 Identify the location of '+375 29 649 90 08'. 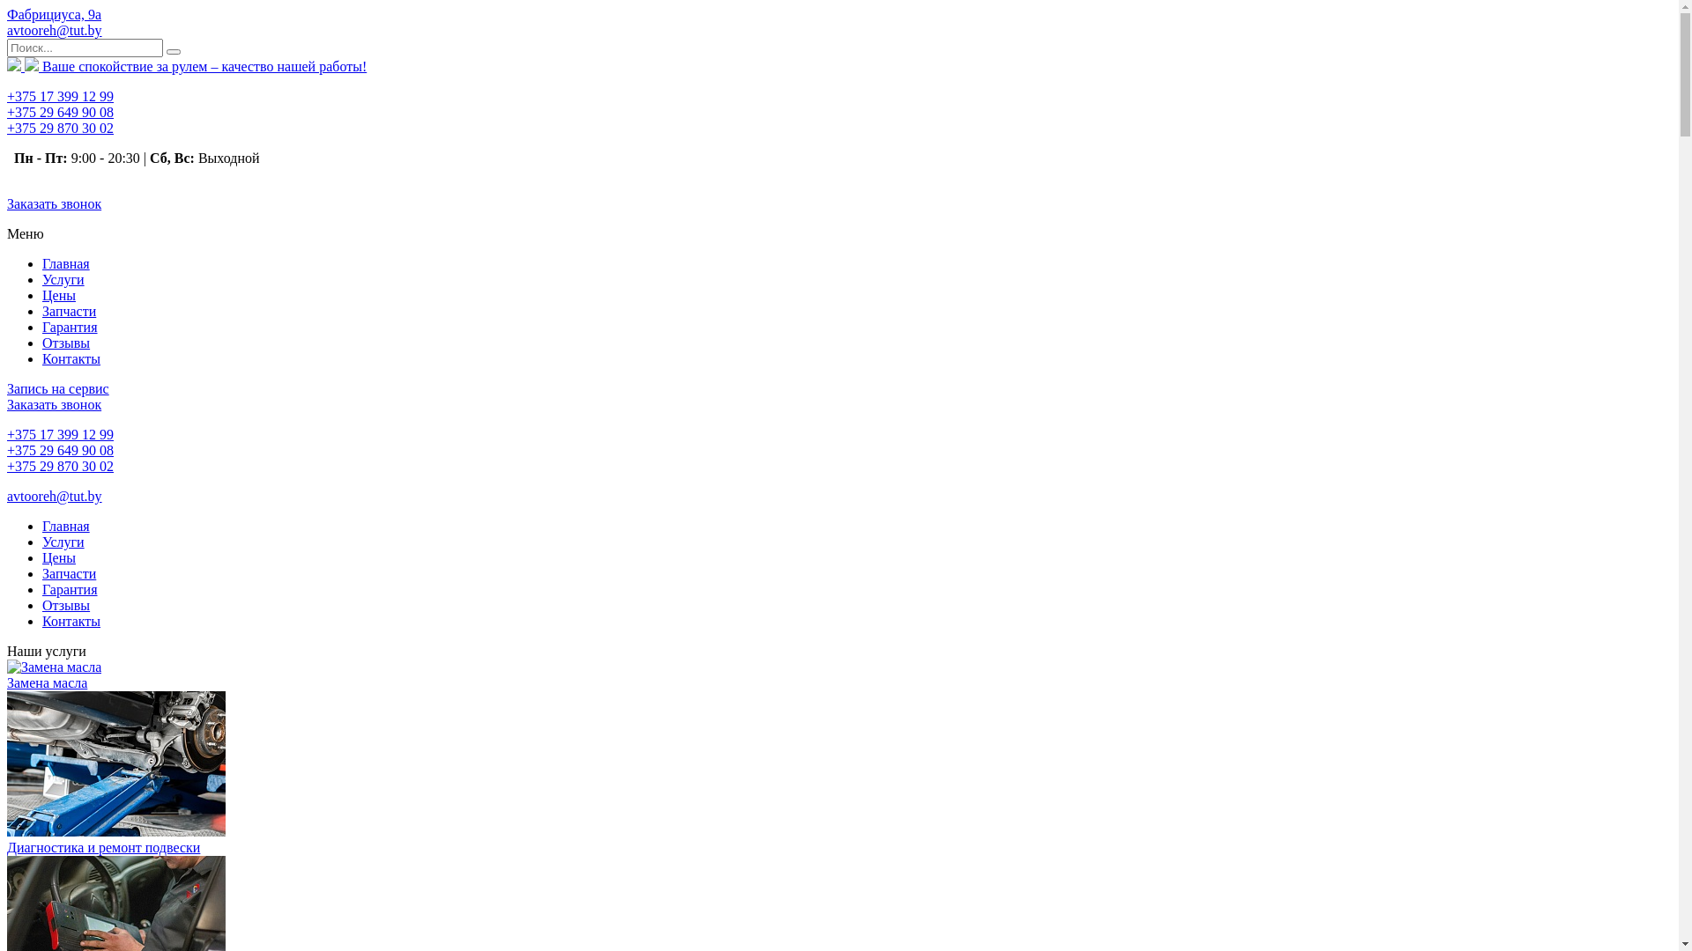
(60, 449).